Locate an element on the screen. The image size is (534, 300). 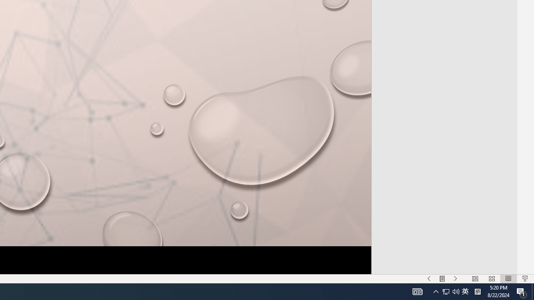
'Slide Show Previous On' is located at coordinates (429, 279).